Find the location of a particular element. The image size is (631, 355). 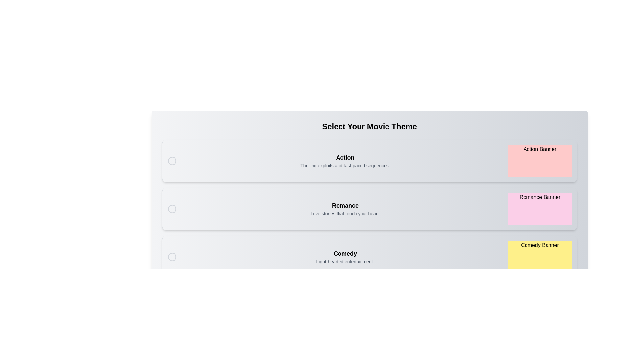

the third SVG Circle element located near the 'Comedy' section, which is part of a group of similar circular elements is located at coordinates (172, 257).